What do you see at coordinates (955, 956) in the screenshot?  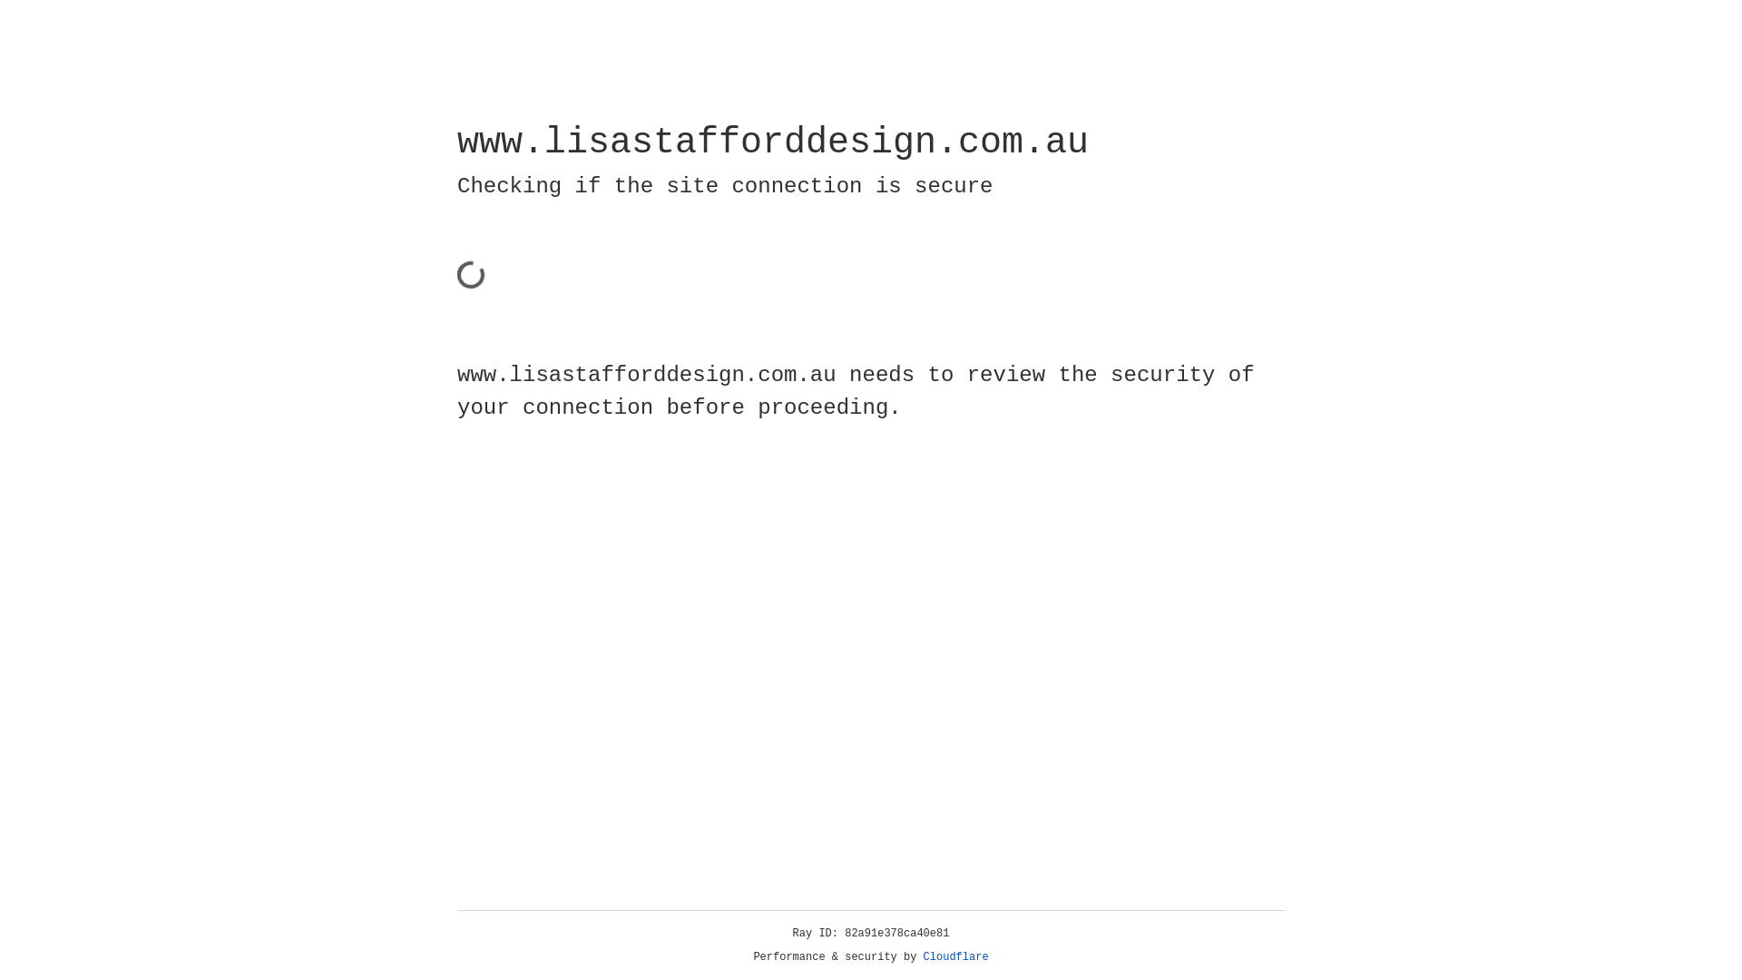 I see `'Cloudflare'` at bounding box center [955, 956].